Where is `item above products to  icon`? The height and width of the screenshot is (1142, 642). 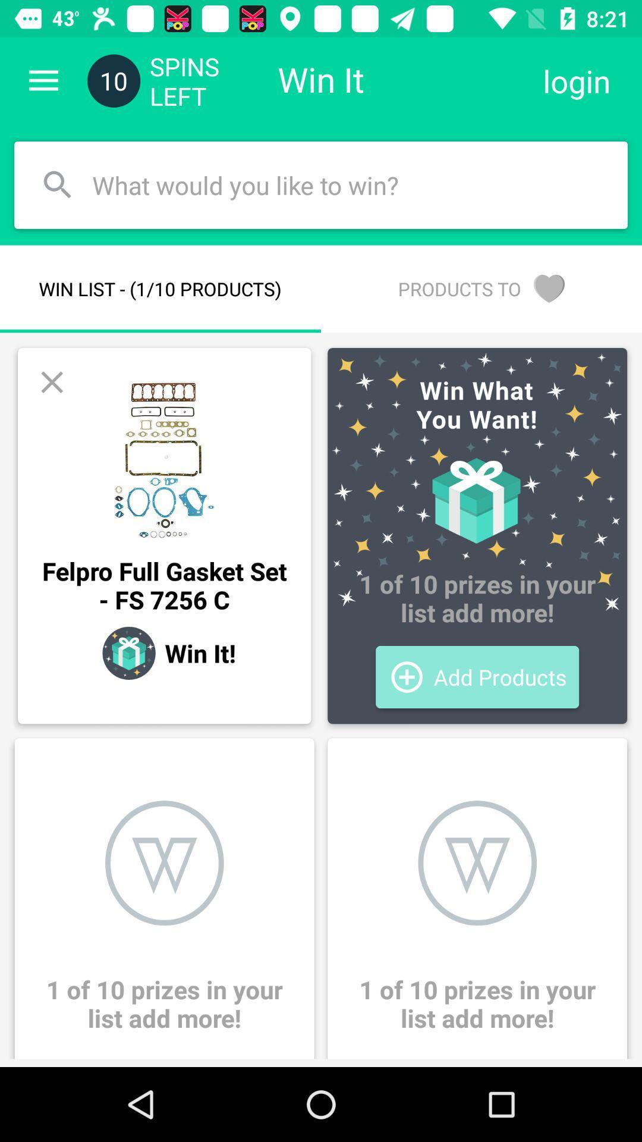
item above products to  icon is located at coordinates (576, 80).